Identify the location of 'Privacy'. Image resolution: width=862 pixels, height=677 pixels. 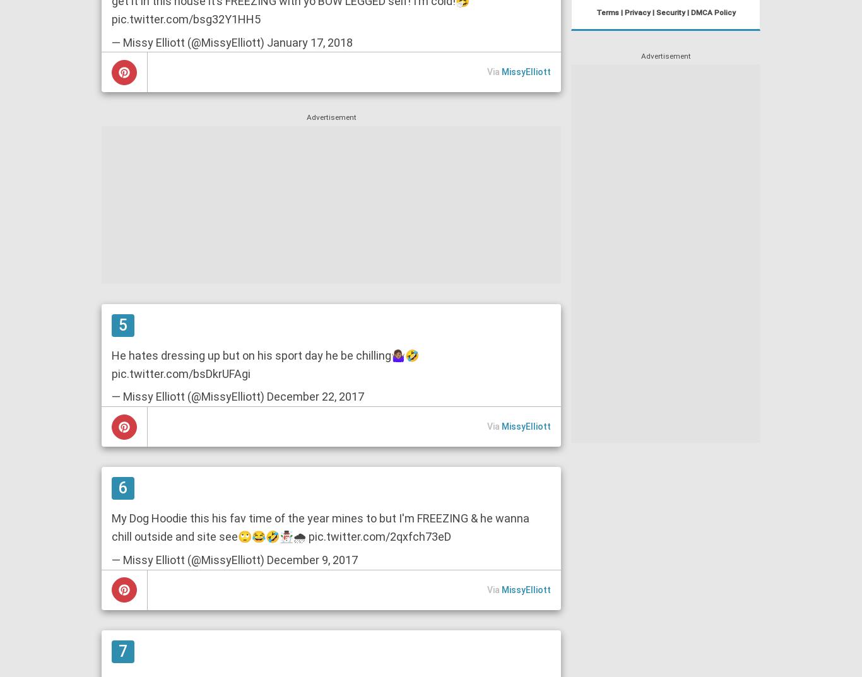
(623, 11).